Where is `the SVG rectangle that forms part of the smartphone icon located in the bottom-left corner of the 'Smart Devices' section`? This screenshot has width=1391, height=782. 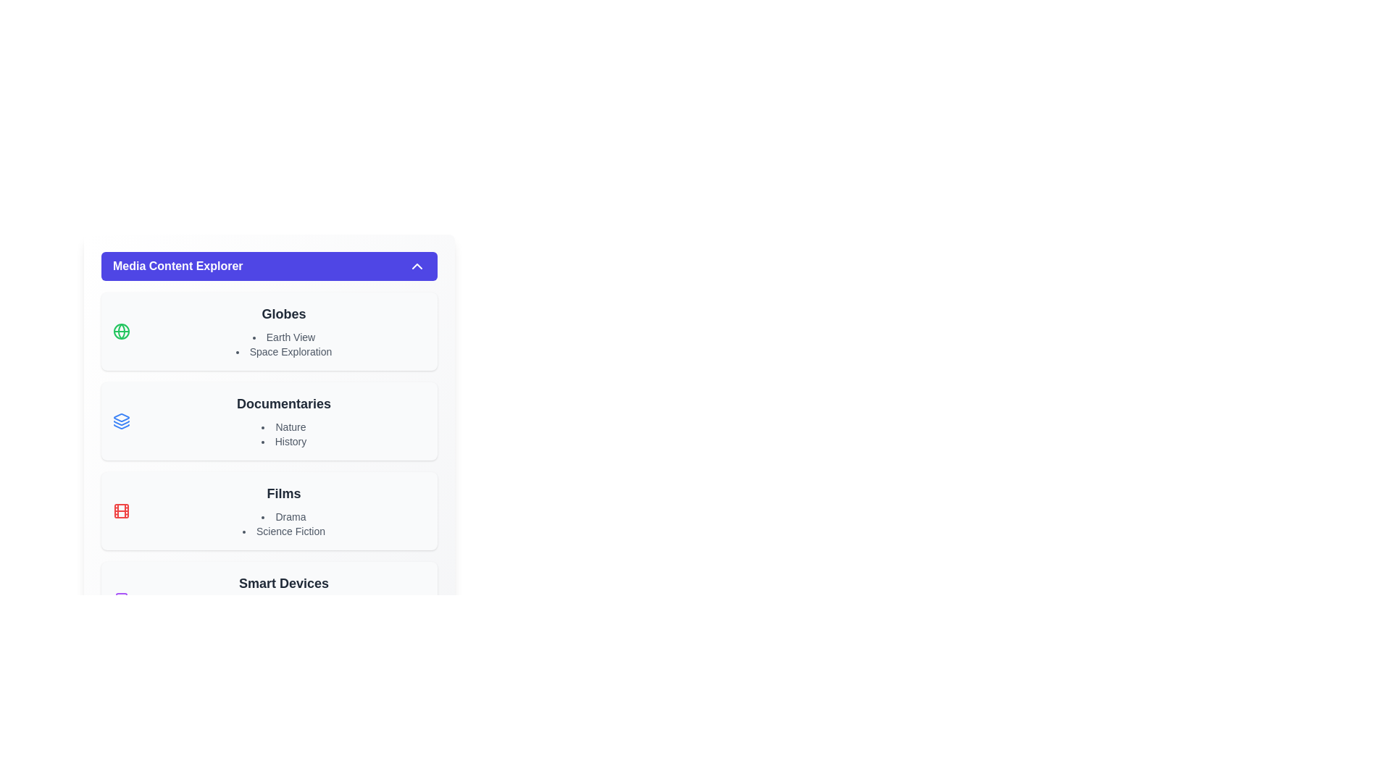
the SVG rectangle that forms part of the smartphone icon located in the bottom-left corner of the 'Smart Devices' section is located at coordinates (122, 600).